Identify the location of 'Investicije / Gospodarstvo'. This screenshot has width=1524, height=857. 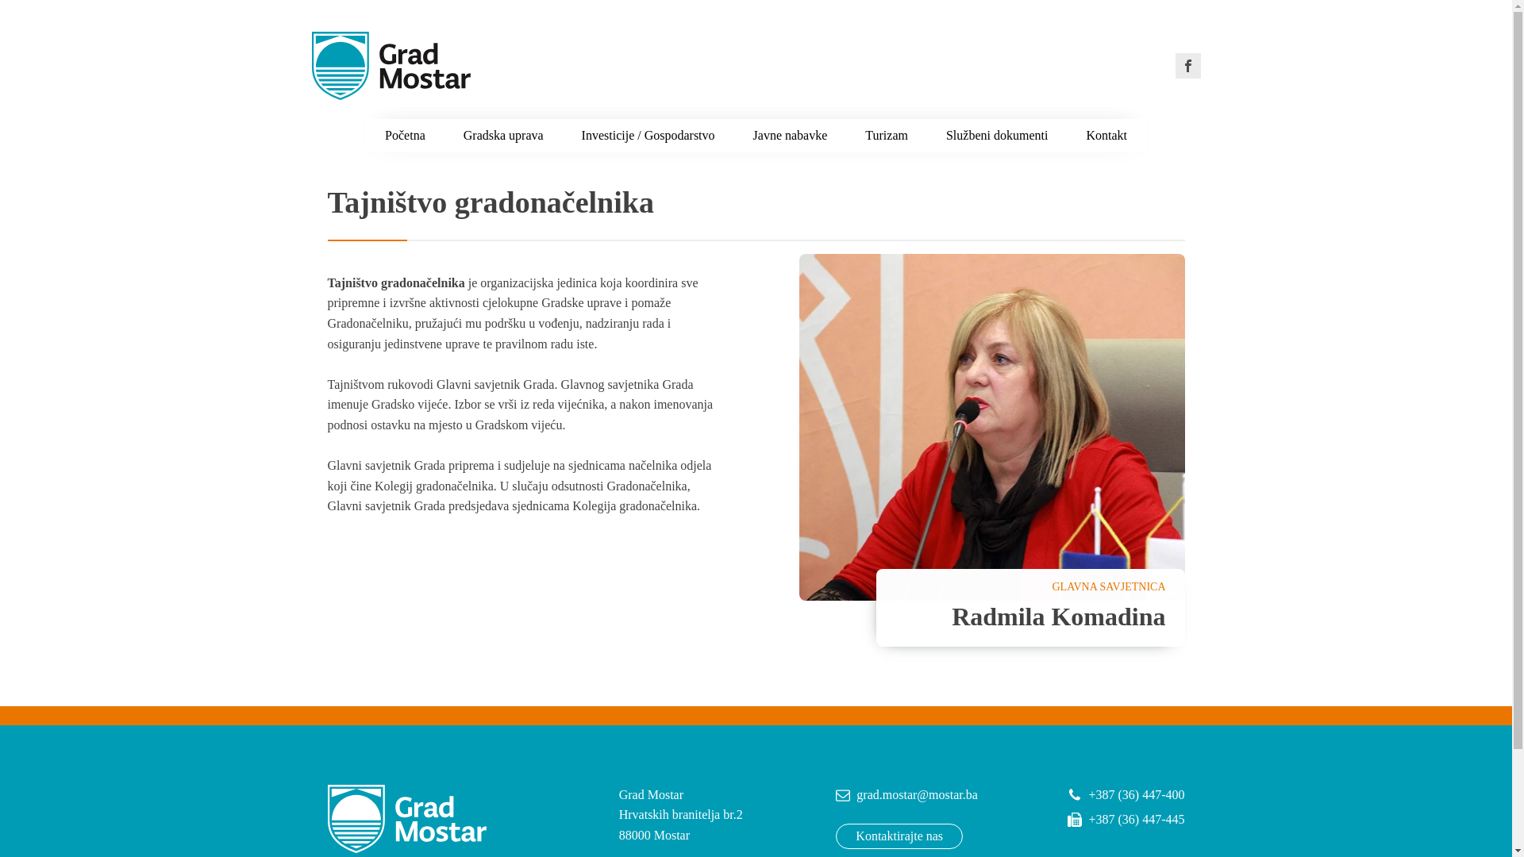
(648, 134).